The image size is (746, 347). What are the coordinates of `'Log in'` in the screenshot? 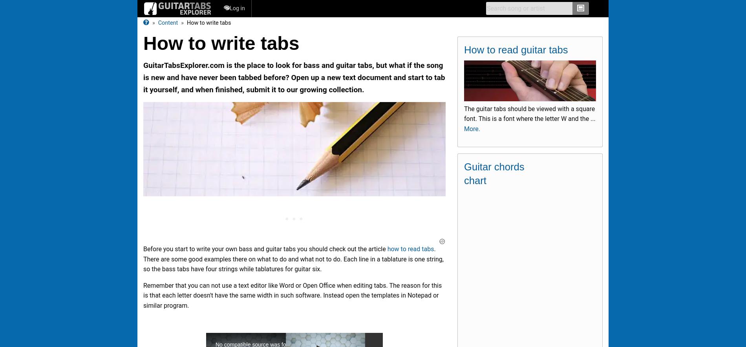 It's located at (237, 8).